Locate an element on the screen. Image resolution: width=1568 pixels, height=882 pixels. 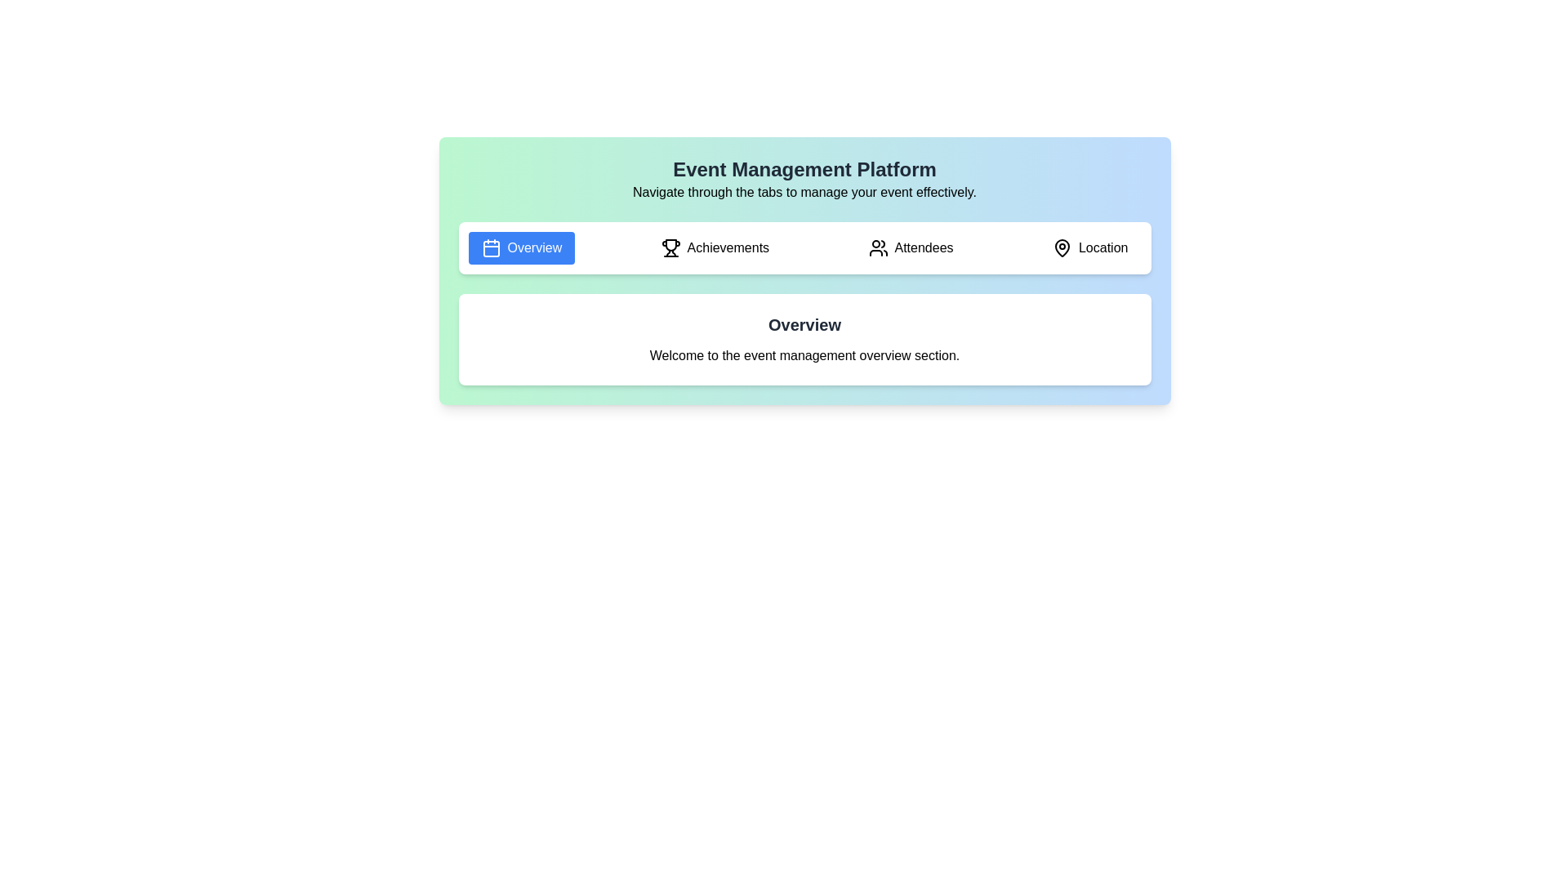
the navigation button located in the top navigation bar, which is the fourth item after 'Overview', 'Achievements', and 'Attendees' is located at coordinates (1090, 248).